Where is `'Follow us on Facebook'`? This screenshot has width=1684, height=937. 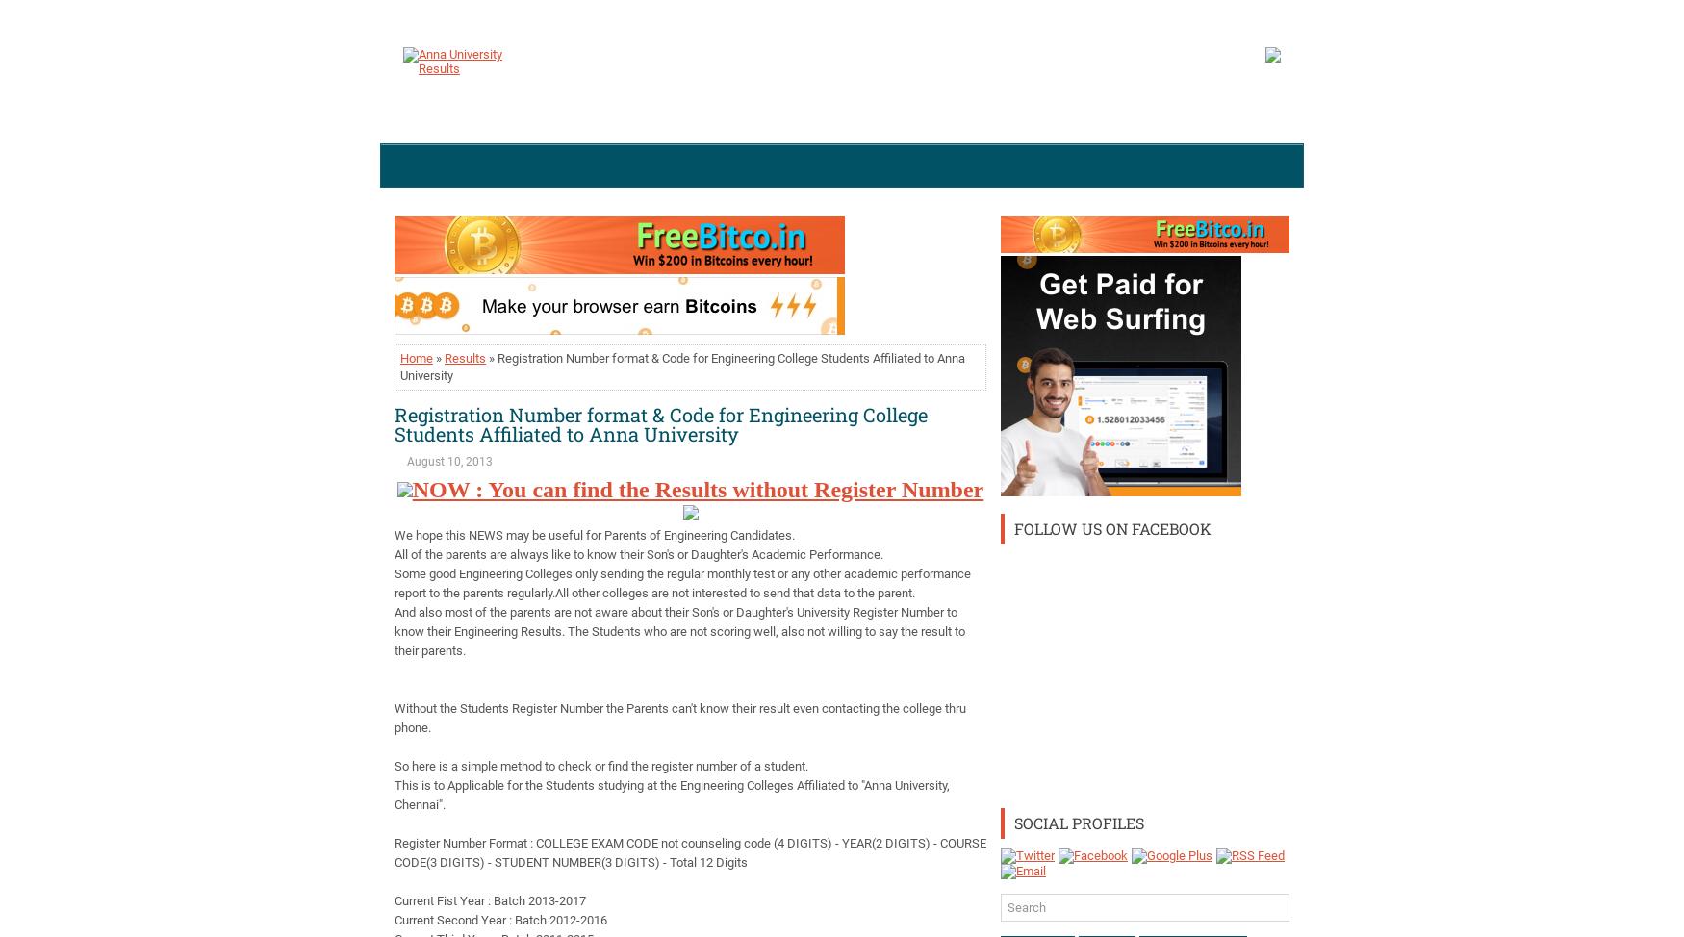 'Follow us on Facebook' is located at coordinates (1111, 528).